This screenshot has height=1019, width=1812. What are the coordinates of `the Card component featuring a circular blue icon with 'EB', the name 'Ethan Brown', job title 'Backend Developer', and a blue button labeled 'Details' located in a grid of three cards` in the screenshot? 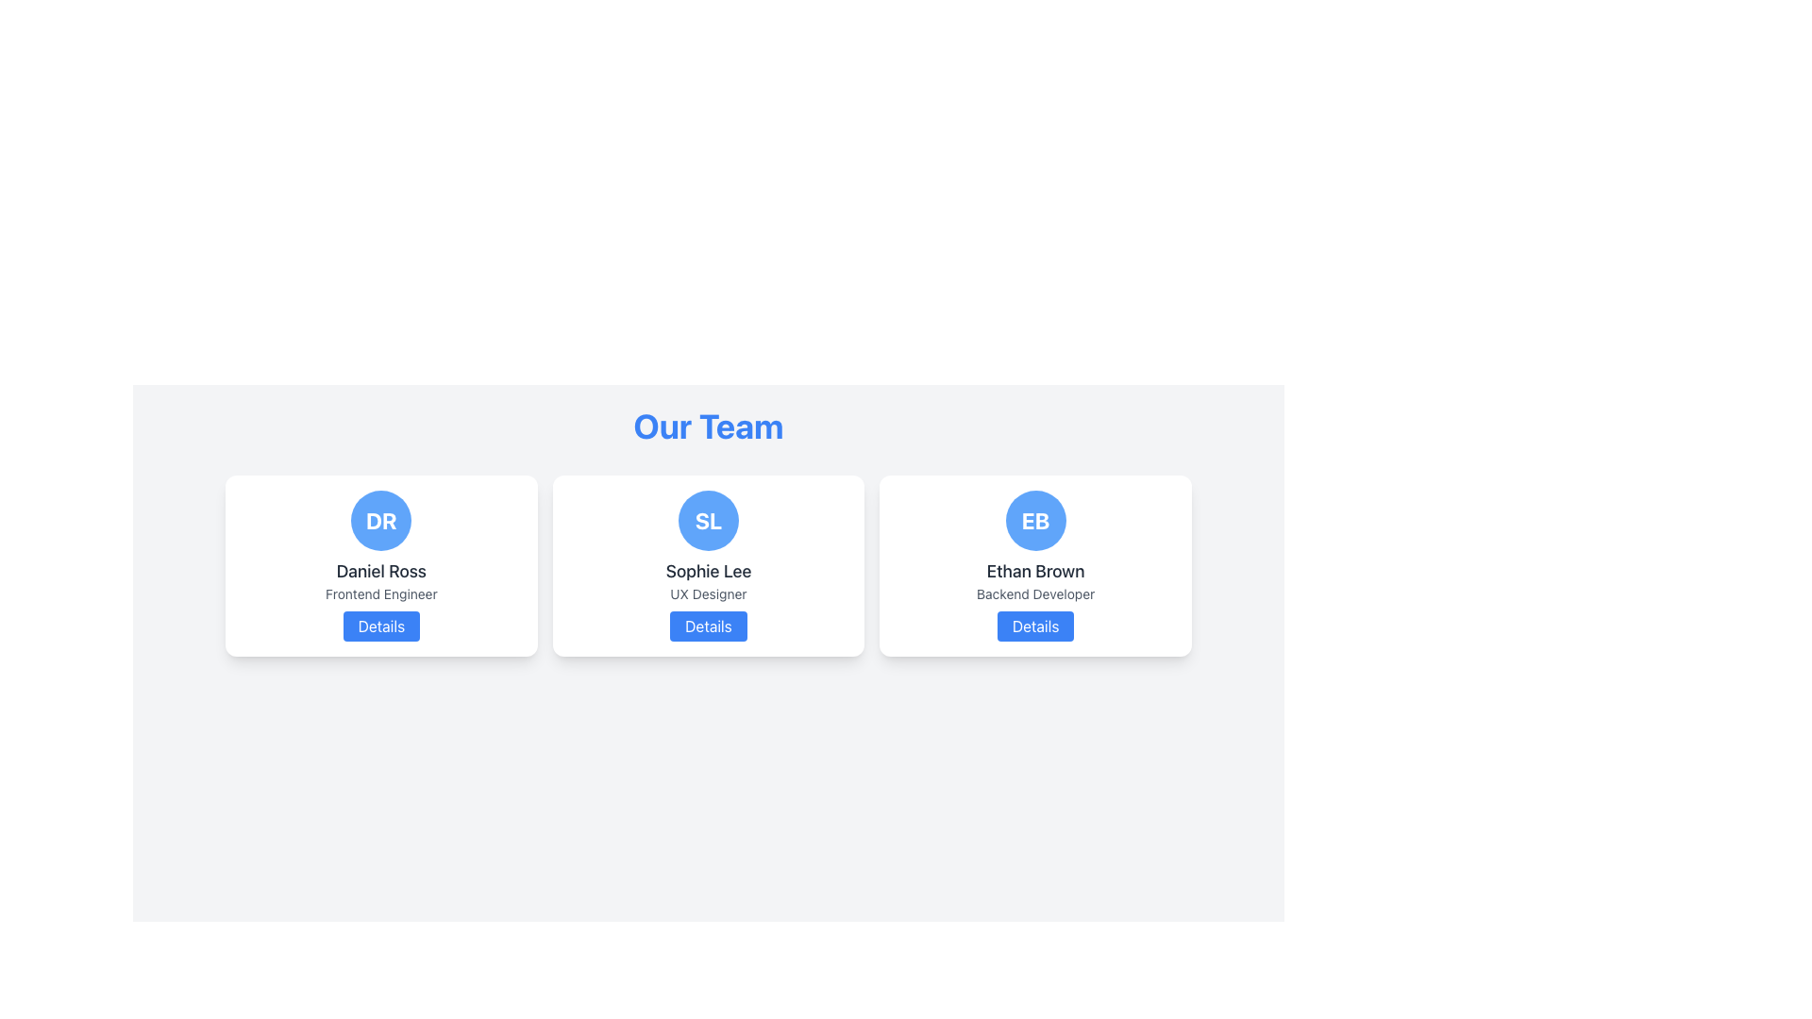 It's located at (1034, 565).